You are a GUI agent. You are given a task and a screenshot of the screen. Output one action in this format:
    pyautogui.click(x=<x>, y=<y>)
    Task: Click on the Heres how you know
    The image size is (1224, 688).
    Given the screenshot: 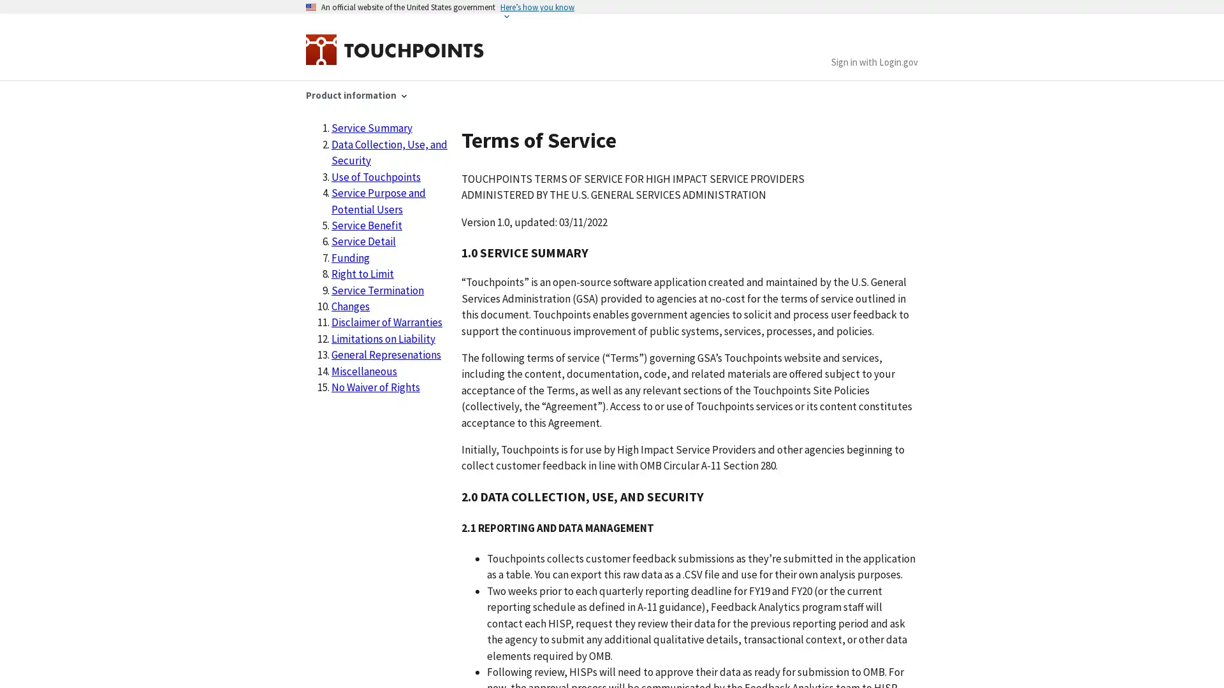 What is the action you would take?
    pyautogui.click(x=537, y=7)
    